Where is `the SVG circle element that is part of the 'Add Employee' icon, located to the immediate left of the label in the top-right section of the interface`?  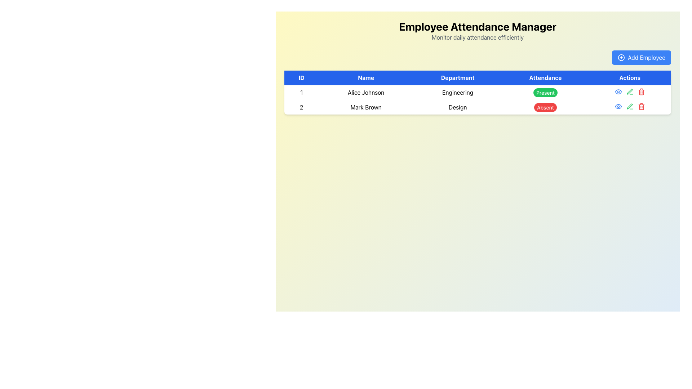 the SVG circle element that is part of the 'Add Employee' icon, located to the immediate left of the label in the top-right section of the interface is located at coordinates (621, 57).